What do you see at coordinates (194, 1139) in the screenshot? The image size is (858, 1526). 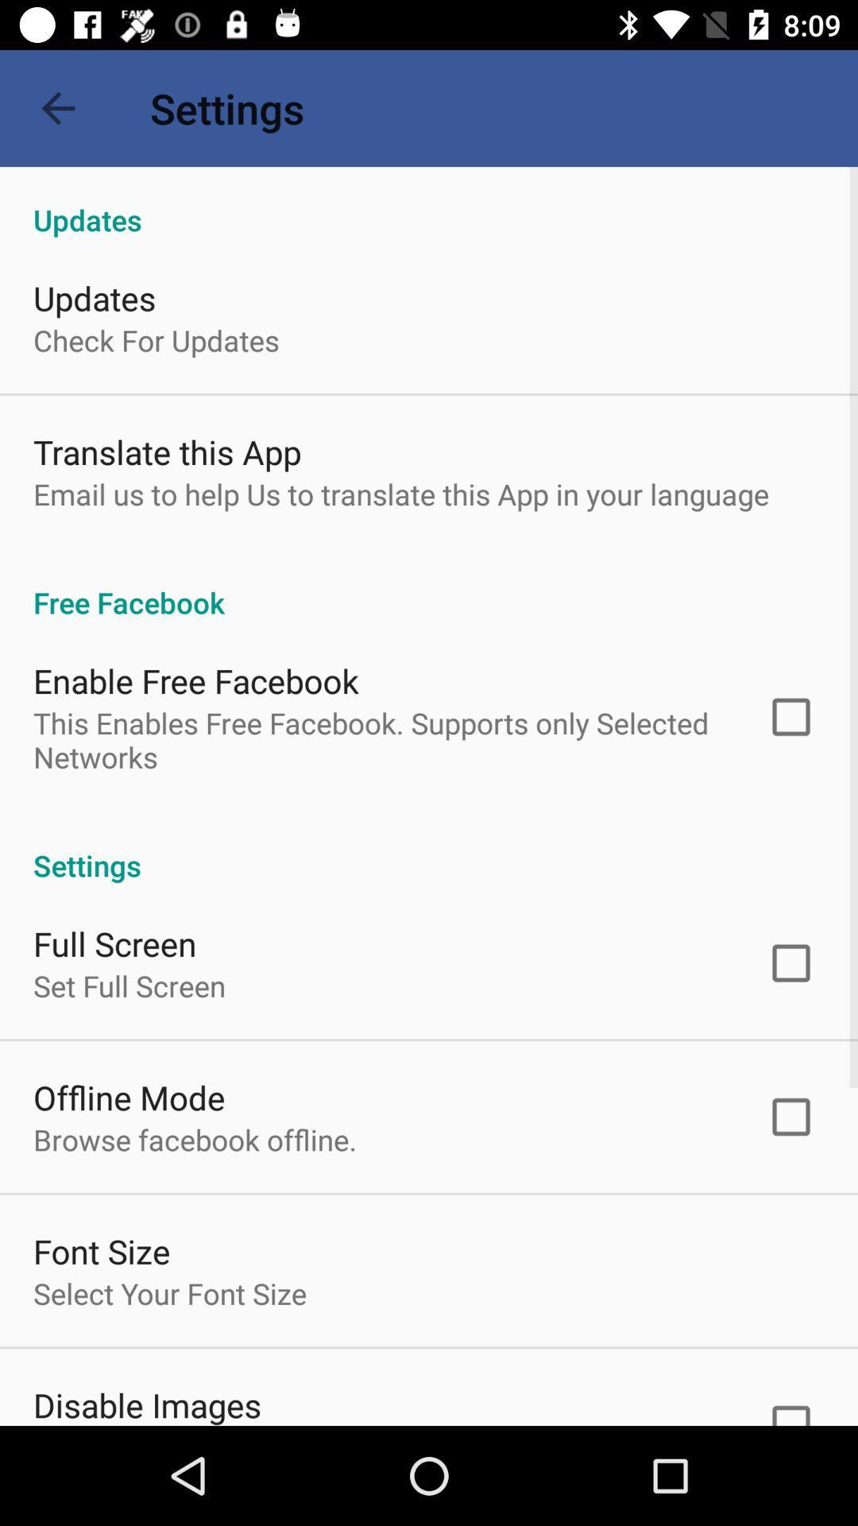 I see `the browse facebook offline. icon` at bounding box center [194, 1139].